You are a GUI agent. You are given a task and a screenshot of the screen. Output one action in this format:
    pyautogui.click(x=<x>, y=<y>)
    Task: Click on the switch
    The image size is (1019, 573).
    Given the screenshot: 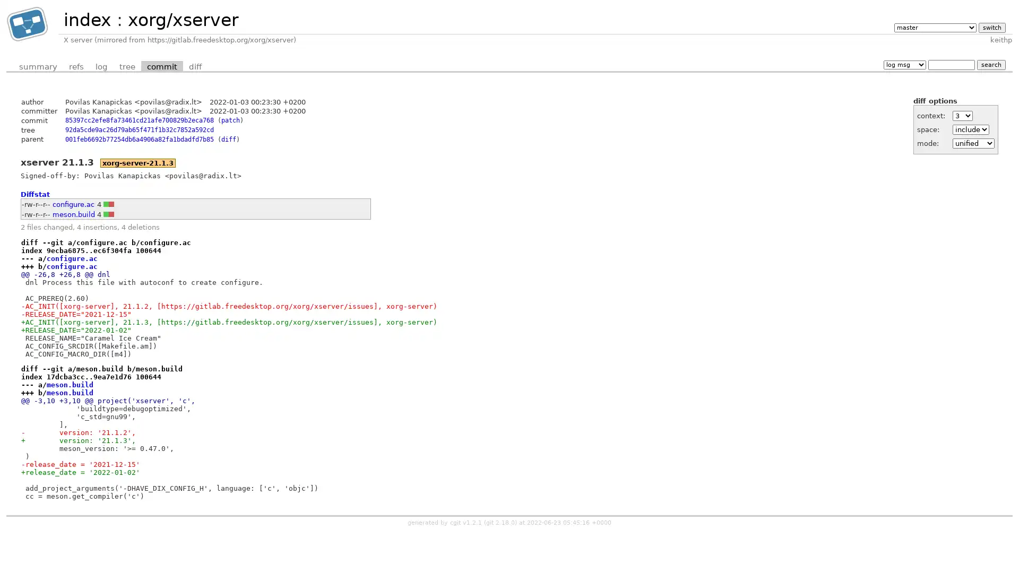 What is the action you would take?
    pyautogui.click(x=991, y=27)
    